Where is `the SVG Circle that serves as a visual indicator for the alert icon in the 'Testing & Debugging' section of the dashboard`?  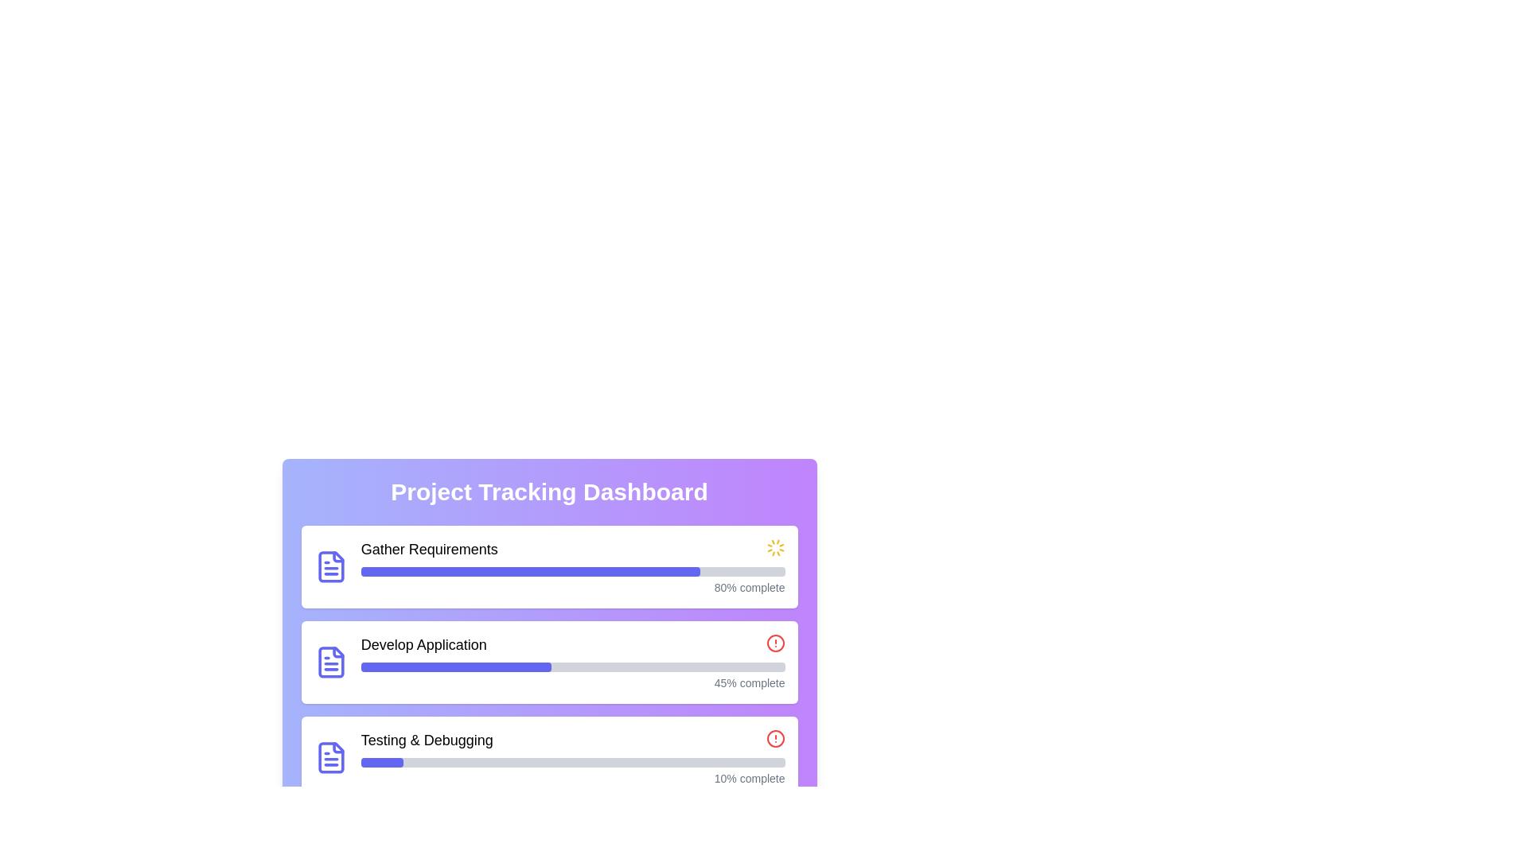 the SVG Circle that serves as a visual indicator for the alert icon in the 'Testing & Debugging' section of the dashboard is located at coordinates (775, 739).